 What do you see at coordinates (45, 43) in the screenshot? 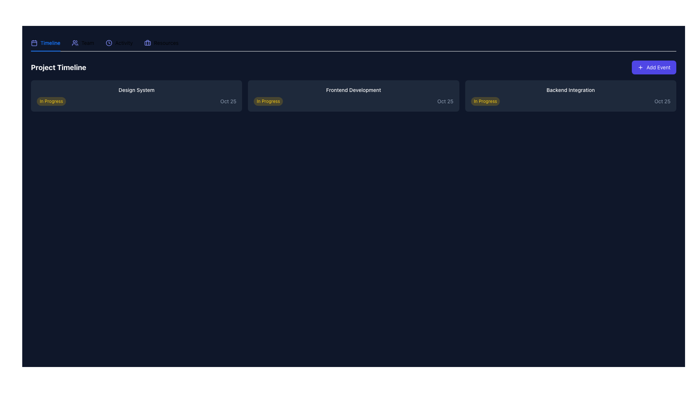
I see `the 'Timeline' tab` at bounding box center [45, 43].